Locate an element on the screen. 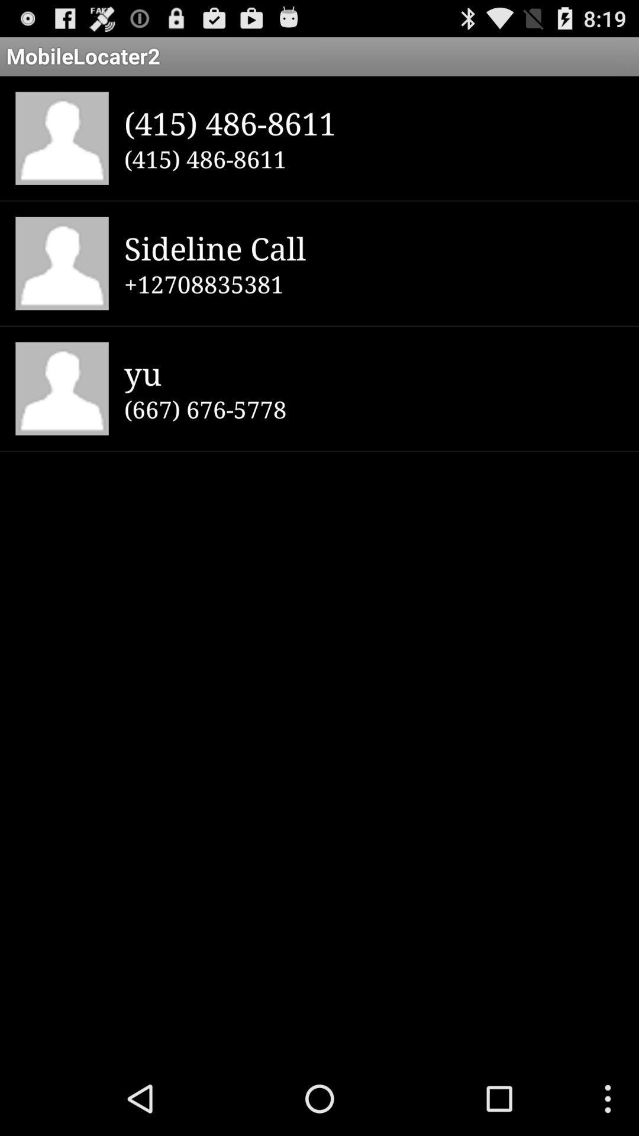 This screenshot has height=1136, width=639. the sideline call icon is located at coordinates (373, 247).